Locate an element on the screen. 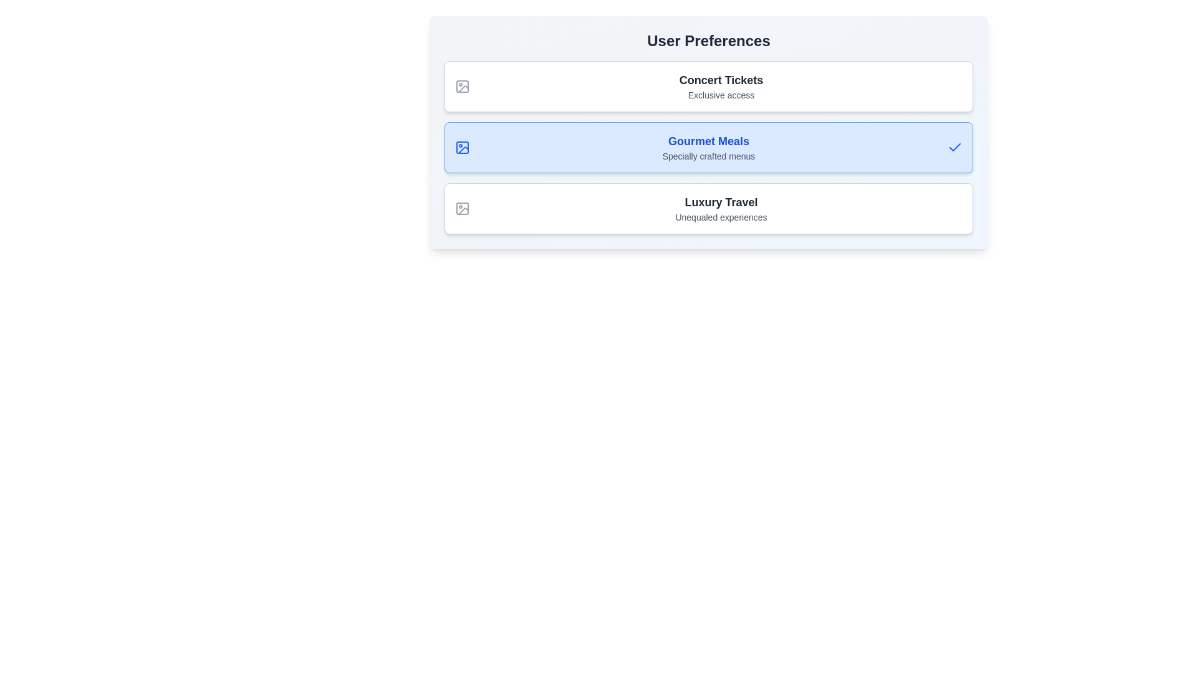  the preference item Gourmet Meals is located at coordinates (709, 146).